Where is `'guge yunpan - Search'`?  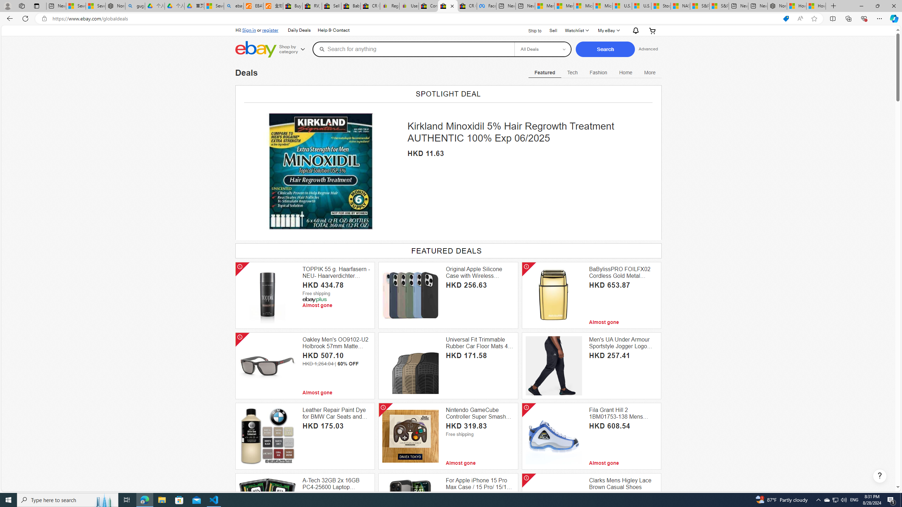
'guge yunpan - Search' is located at coordinates (135, 6).